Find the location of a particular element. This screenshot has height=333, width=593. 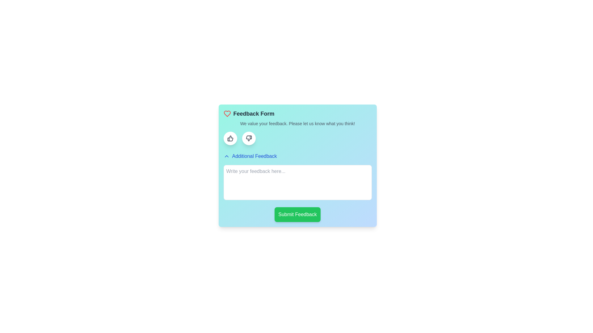

the downward-facing thumb icon, which represents negative feedback, located within the Feedback Form section is located at coordinates (249, 138).